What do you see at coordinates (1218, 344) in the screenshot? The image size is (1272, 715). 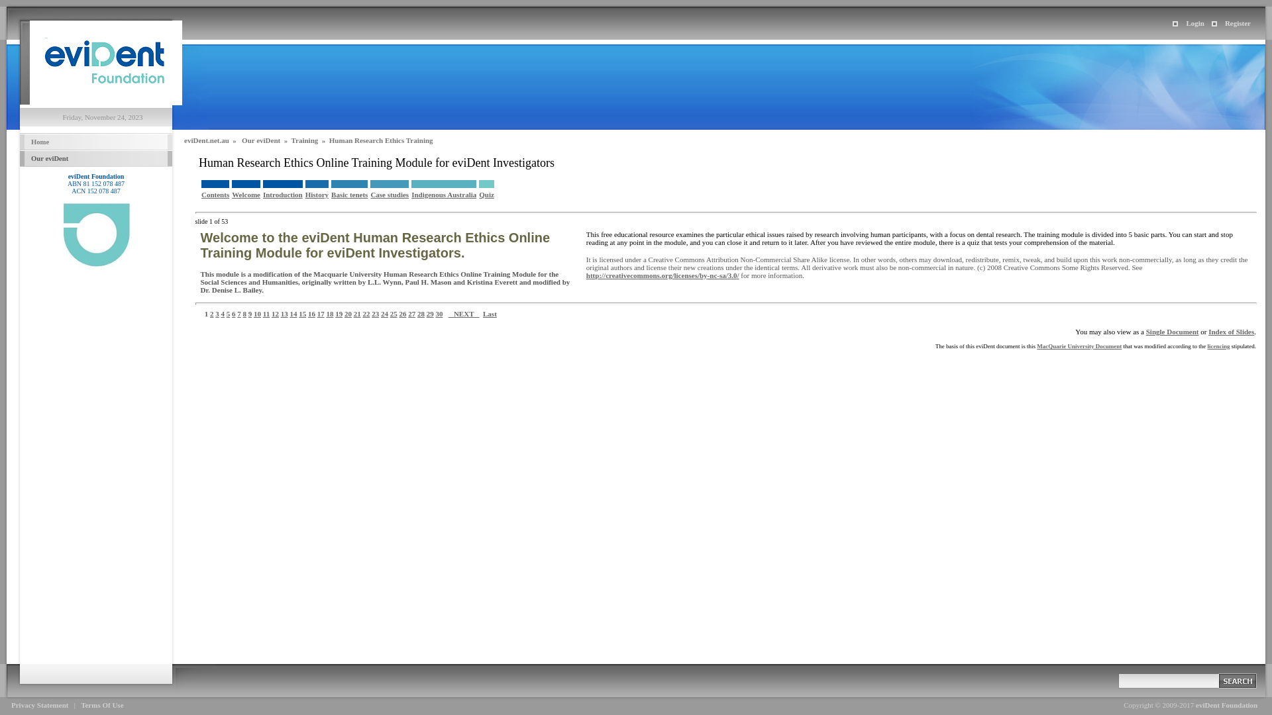 I see `'licencing'` at bounding box center [1218, 344].